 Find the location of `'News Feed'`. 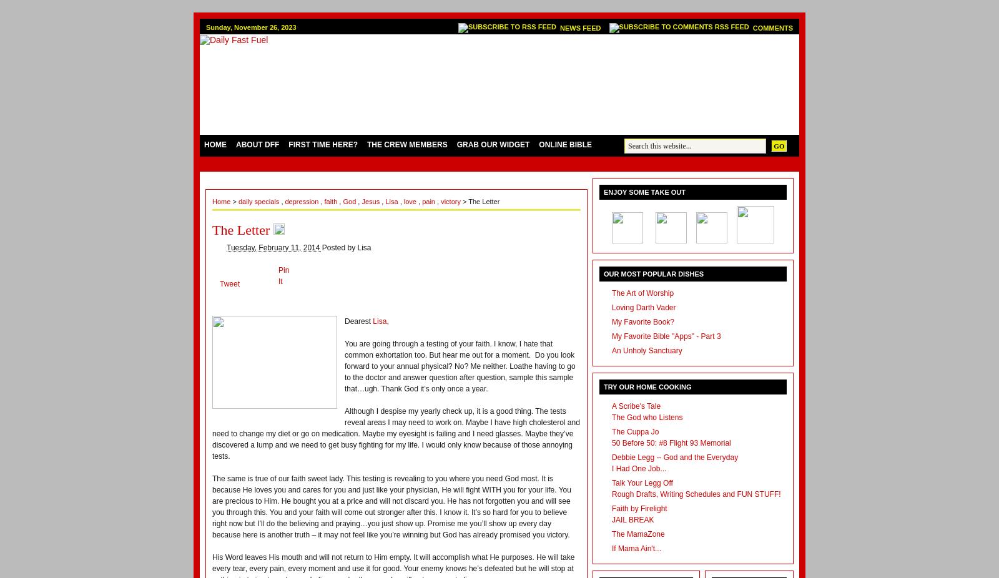

'News Feed' is located at coordinates (559, 27).